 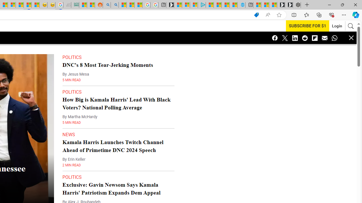 What do you see at coordinates (83, 5) in the screenshot?
I see `'MSNBC - MSN'` at bounding box center [83, 5].